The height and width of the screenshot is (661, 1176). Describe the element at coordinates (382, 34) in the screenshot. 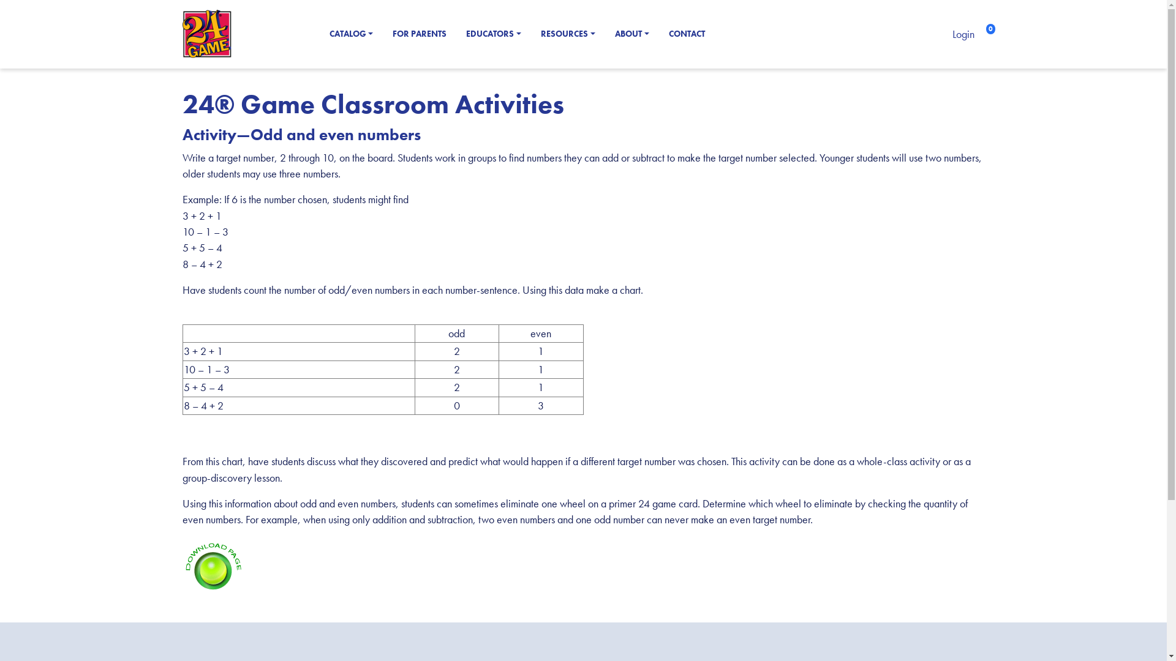

I see `'FOR PARENTS'` at that location.